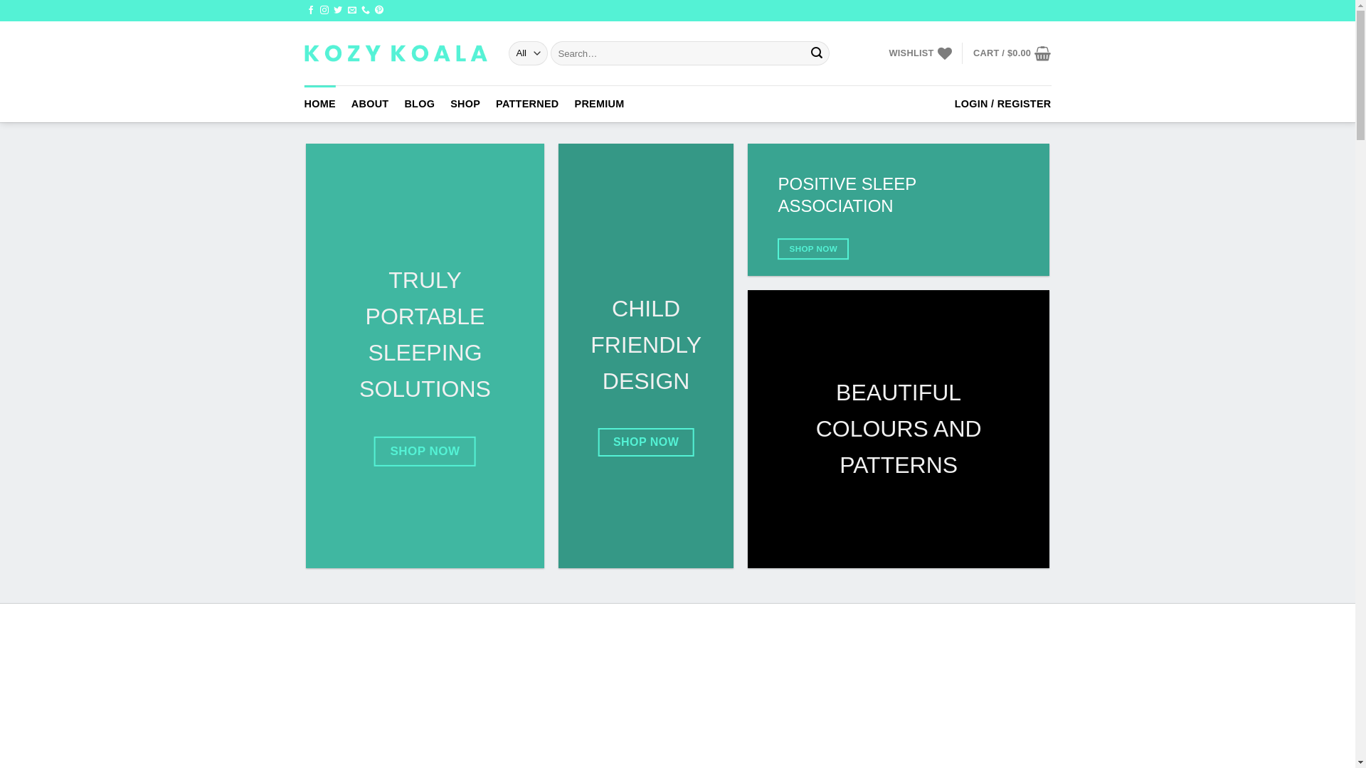 The image size is (1366, 768). Describe the element at coordinates (465, 103) in the screenshot. I see `'SHOP'` at that location.